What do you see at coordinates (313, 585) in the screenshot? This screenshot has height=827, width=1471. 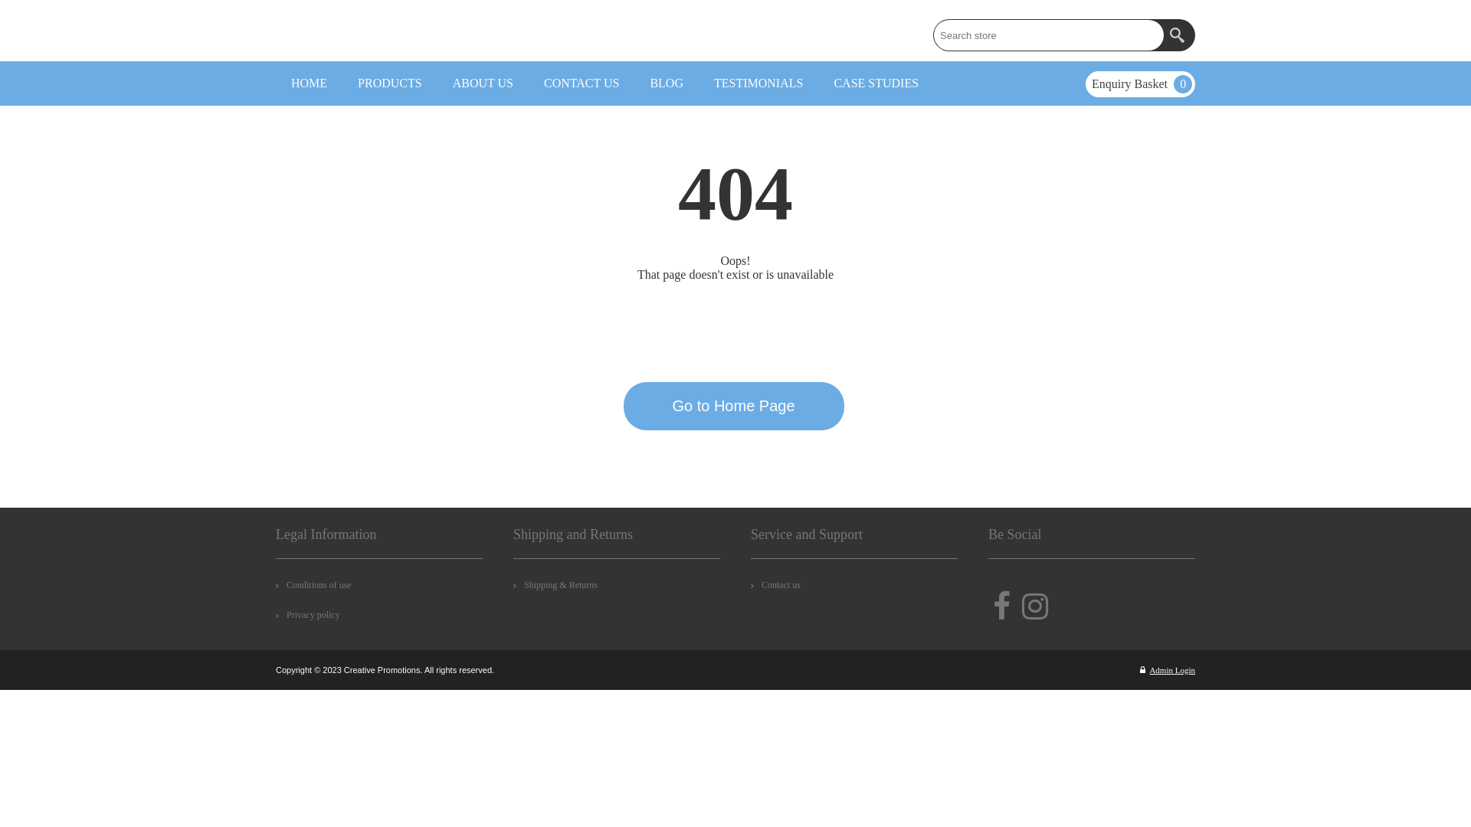 I see `'Conditions of use'` at bounding box center [313, 585].